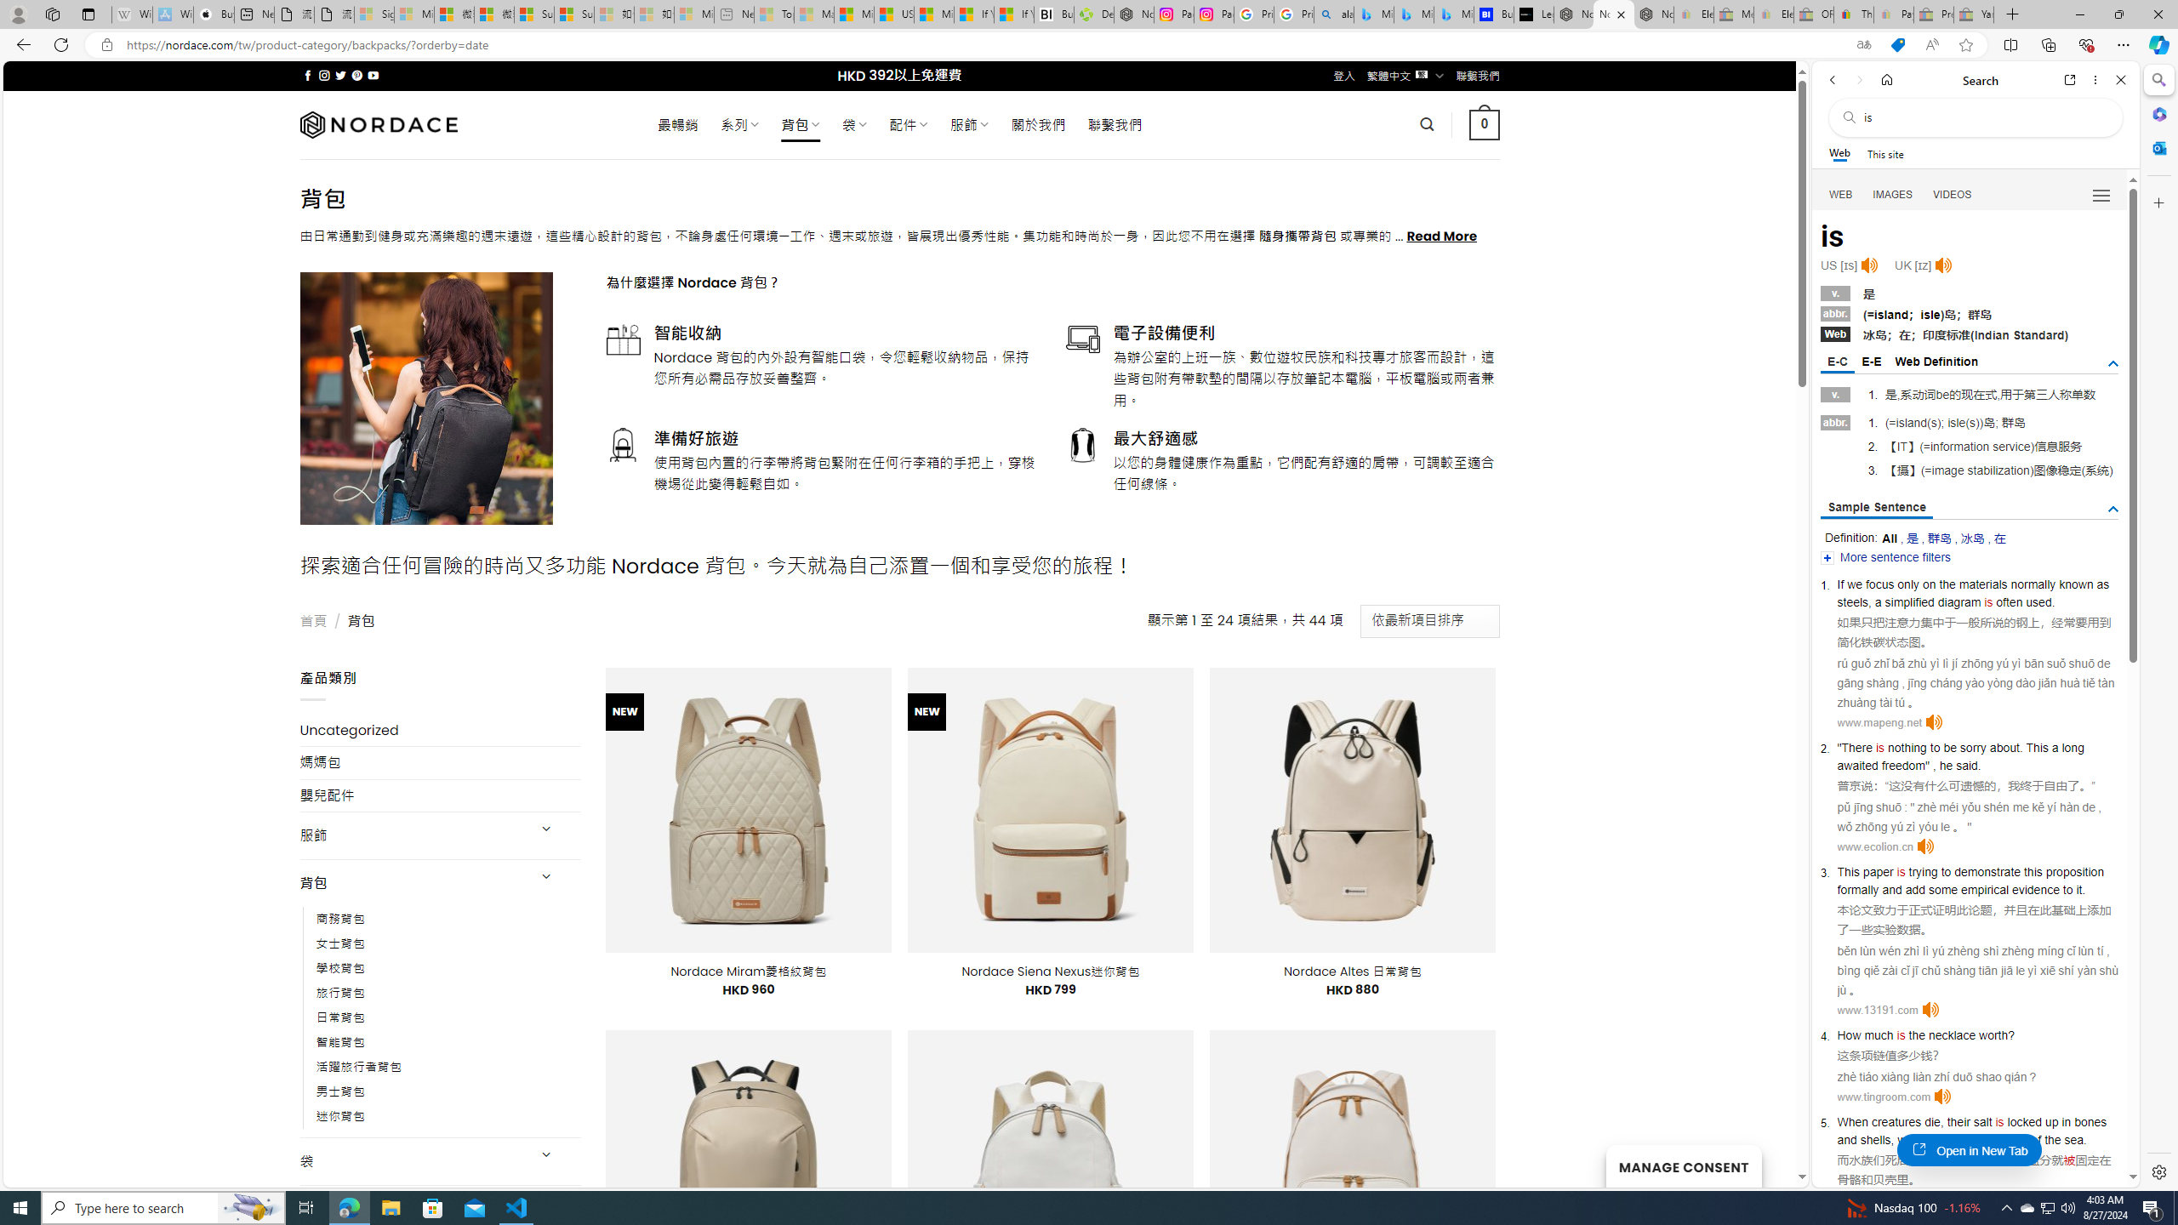 Image resolution: width=2178 pixels, height=1225 pixels. What do you see at coordinates (355, 75) in the screenshot?
I see `'Follow on Pinterest'` at bounding box center [355, 75].